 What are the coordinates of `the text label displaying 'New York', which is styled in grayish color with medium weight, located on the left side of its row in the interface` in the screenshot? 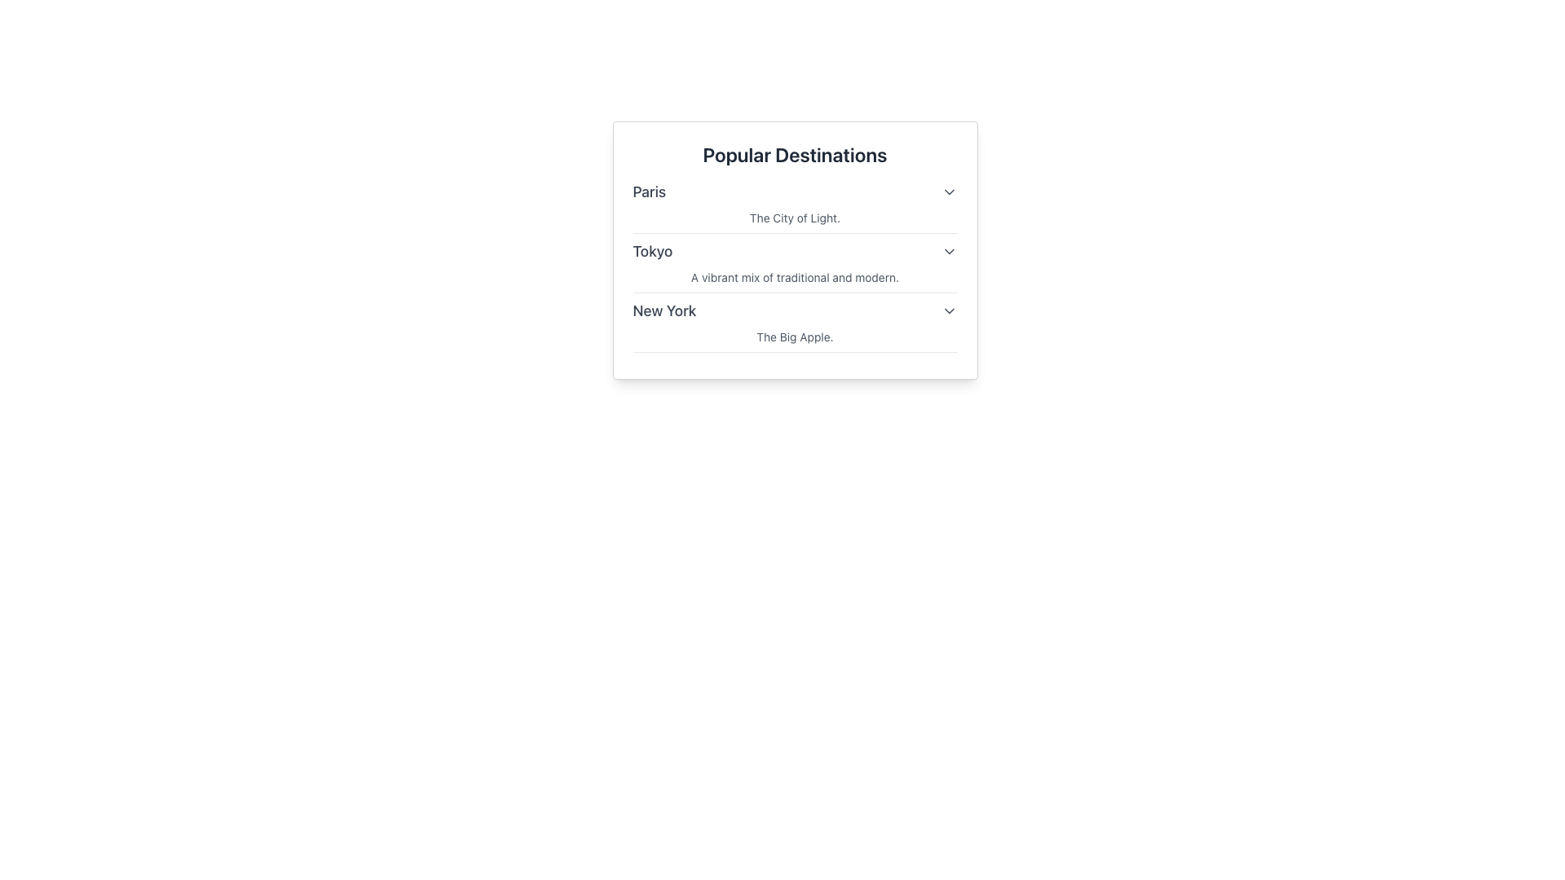 It's located at (664, 310).